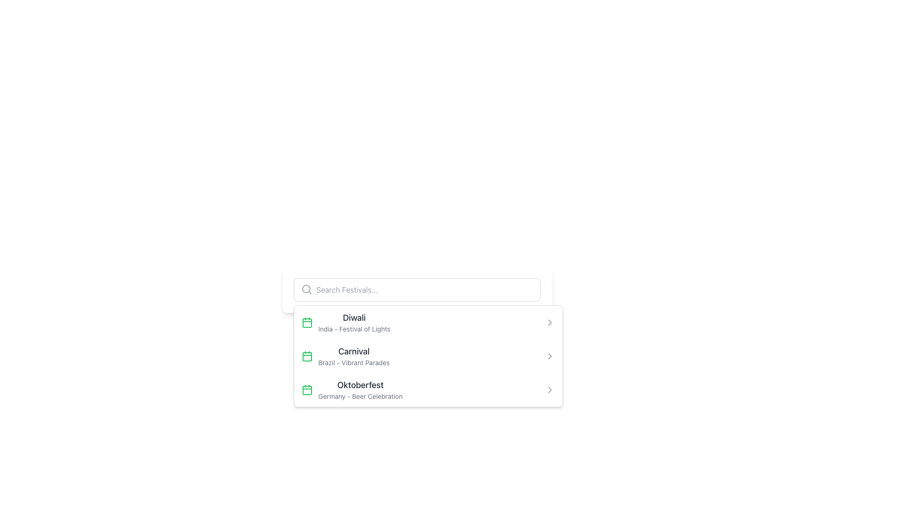 The height and width of the screenshot is (505, 898). Describe the element at coordinates (307, 356) in the screenshot. I see `the icon related to the 'Carnival' event, located in the second row between 'Diwali' and 'Oktoberfest', to interact with associated event information` at that location.